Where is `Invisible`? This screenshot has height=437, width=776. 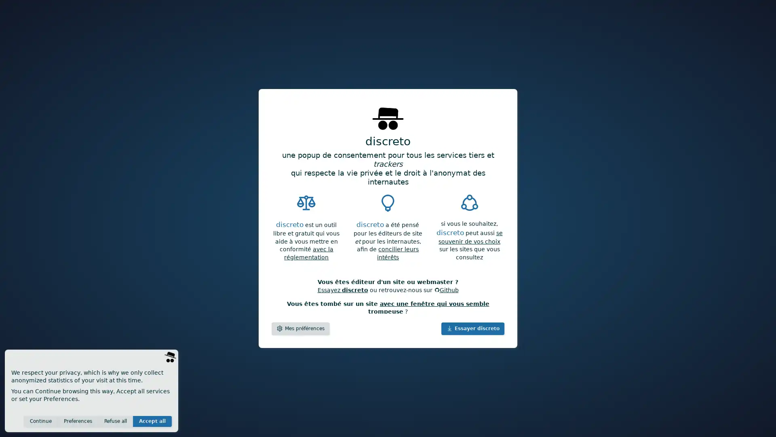
Invisible is located at coordinates (130, 424).